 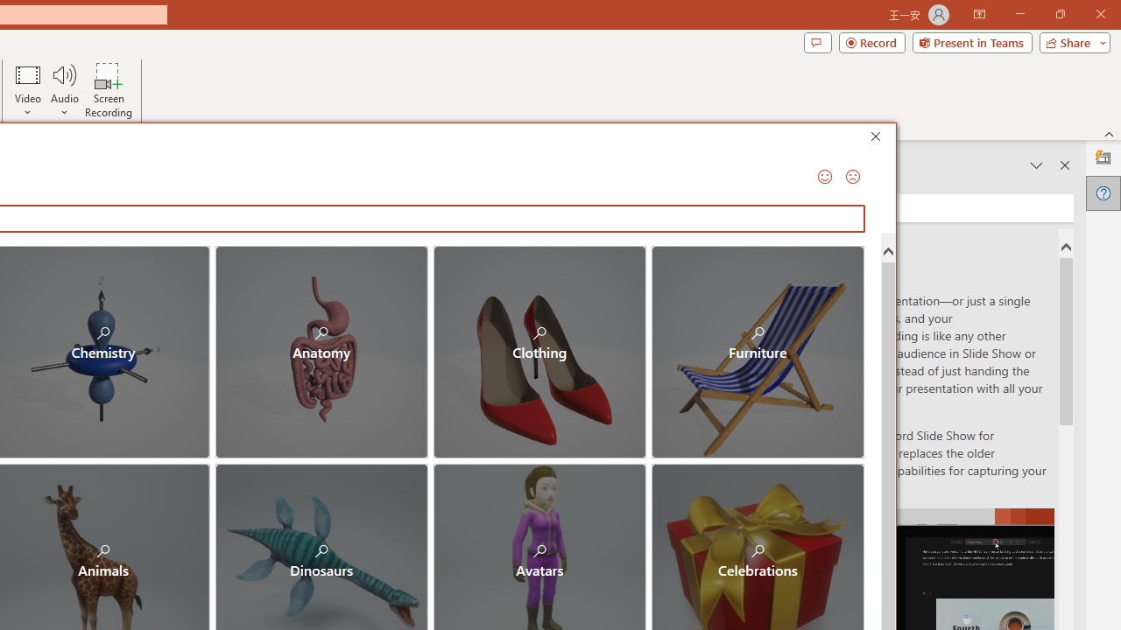 What do you see at coordinates (321, 352) in the screenshot?
I see `'Anatomy'` at bounding box center [321, 352].